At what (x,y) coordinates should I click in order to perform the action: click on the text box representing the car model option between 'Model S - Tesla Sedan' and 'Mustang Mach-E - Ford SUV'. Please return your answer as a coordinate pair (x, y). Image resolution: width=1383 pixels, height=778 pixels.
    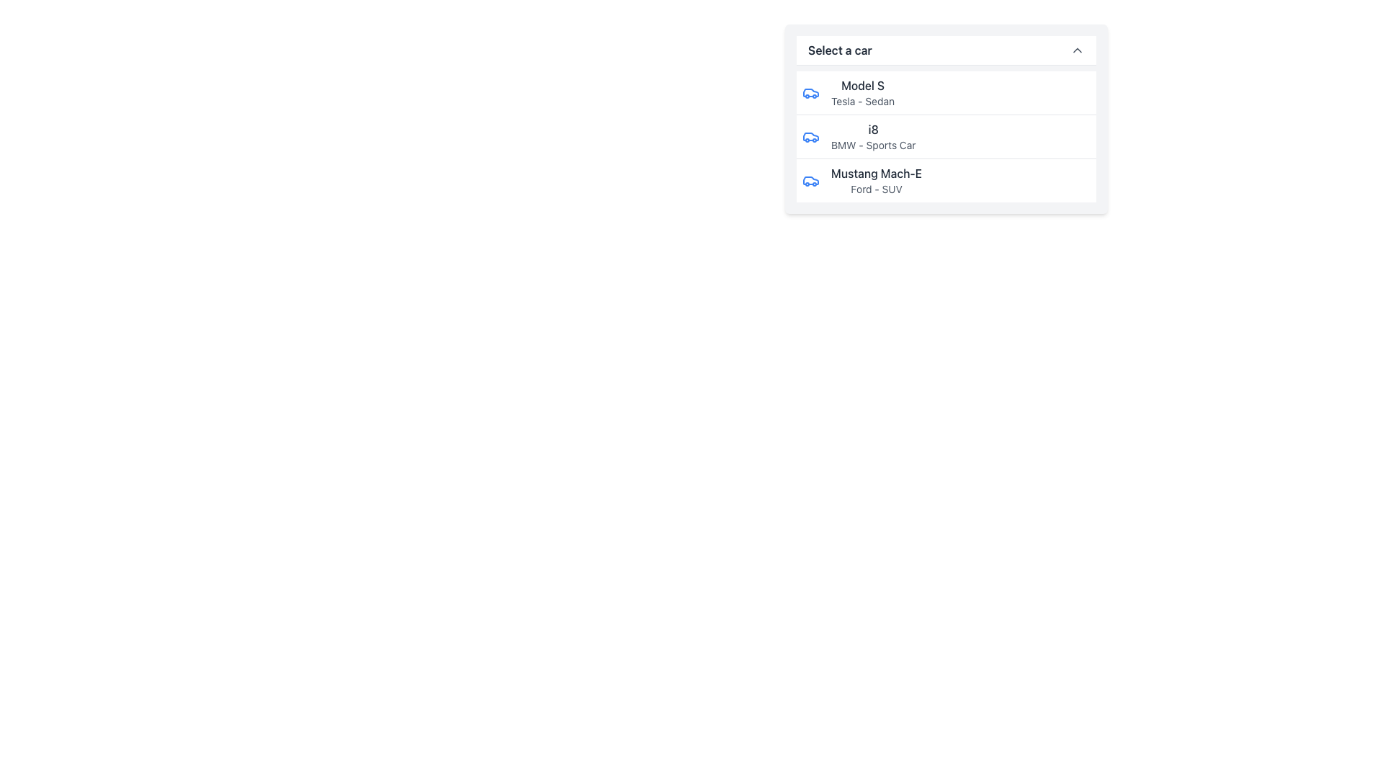
    Looking at the image, I should click on (872, 136).